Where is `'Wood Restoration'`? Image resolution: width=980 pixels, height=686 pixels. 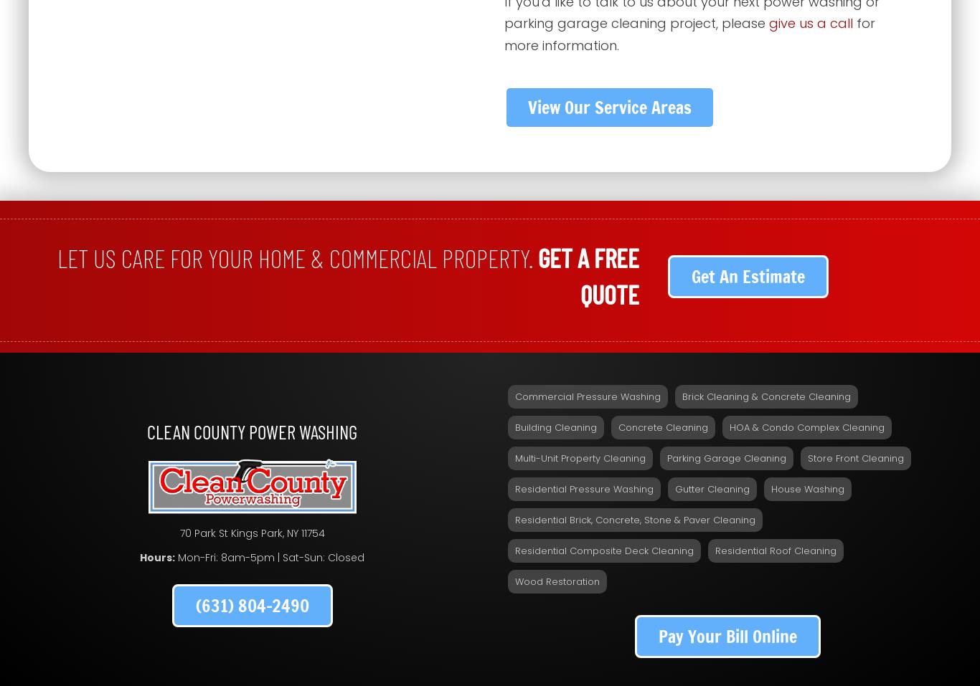
'Wood Restoration' is located at coordinates (557, 580).